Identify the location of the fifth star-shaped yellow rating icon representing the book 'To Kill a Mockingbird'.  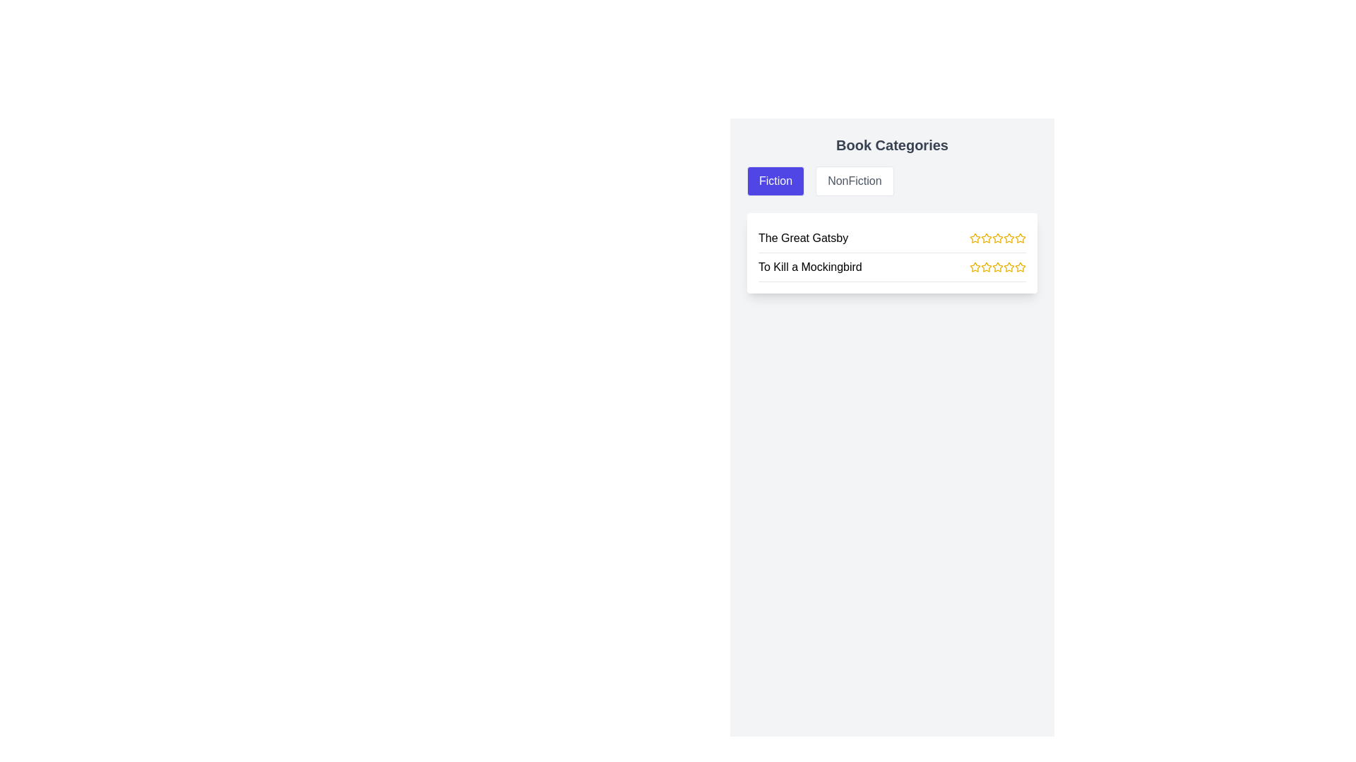
(1009, 267).